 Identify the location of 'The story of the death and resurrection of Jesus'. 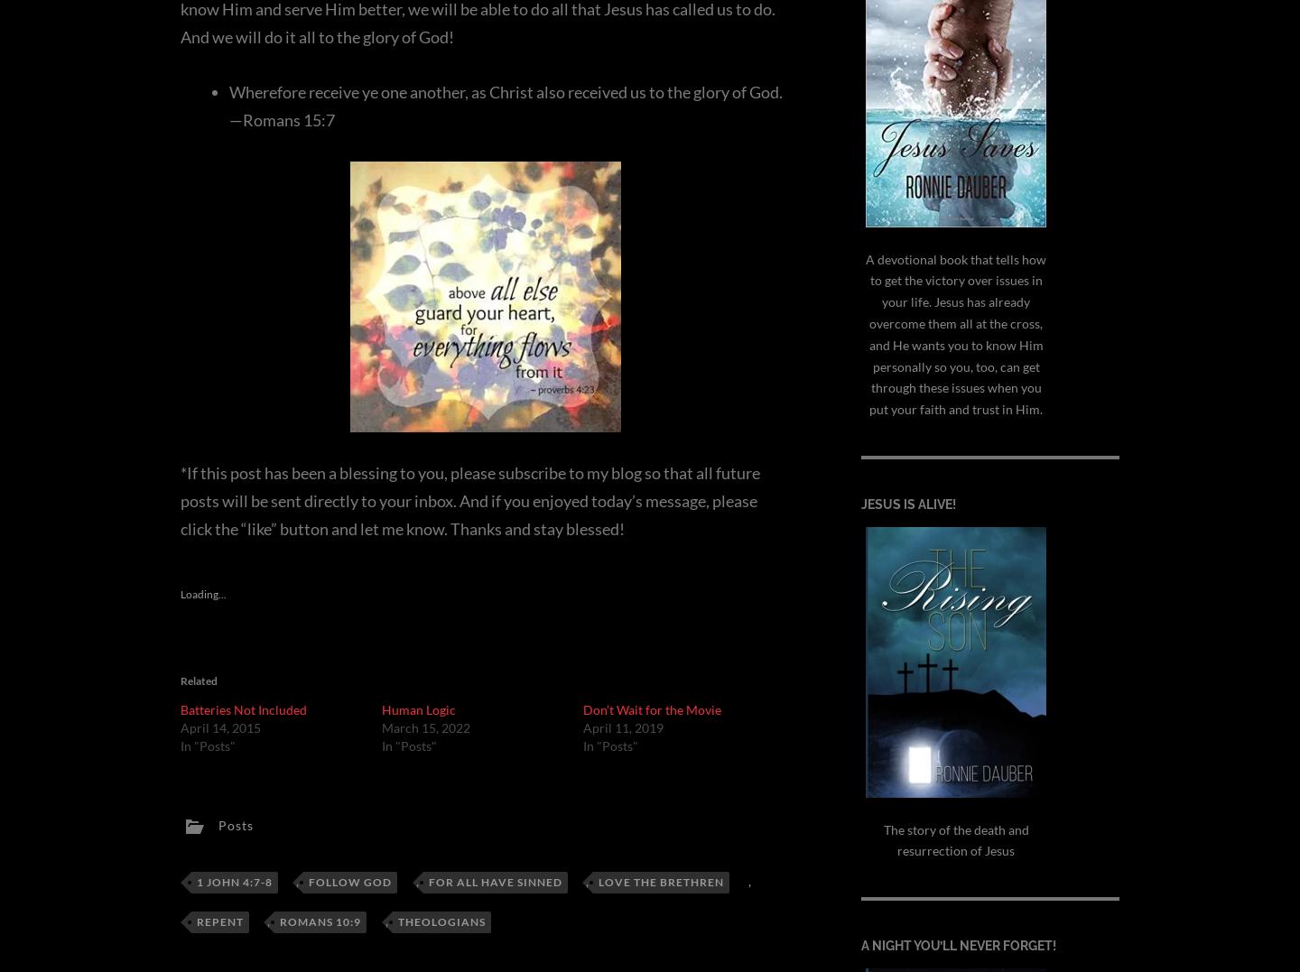
(955, 838).